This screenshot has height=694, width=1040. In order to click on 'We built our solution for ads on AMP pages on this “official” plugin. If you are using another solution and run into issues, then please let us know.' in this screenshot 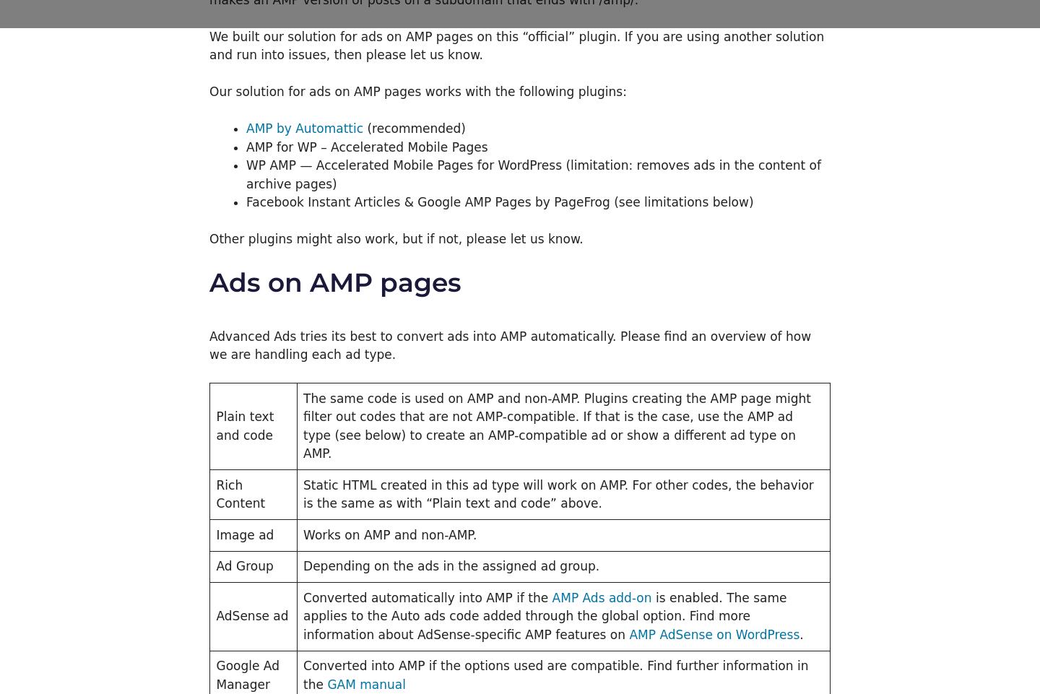, I will do `click(209, 45)`.